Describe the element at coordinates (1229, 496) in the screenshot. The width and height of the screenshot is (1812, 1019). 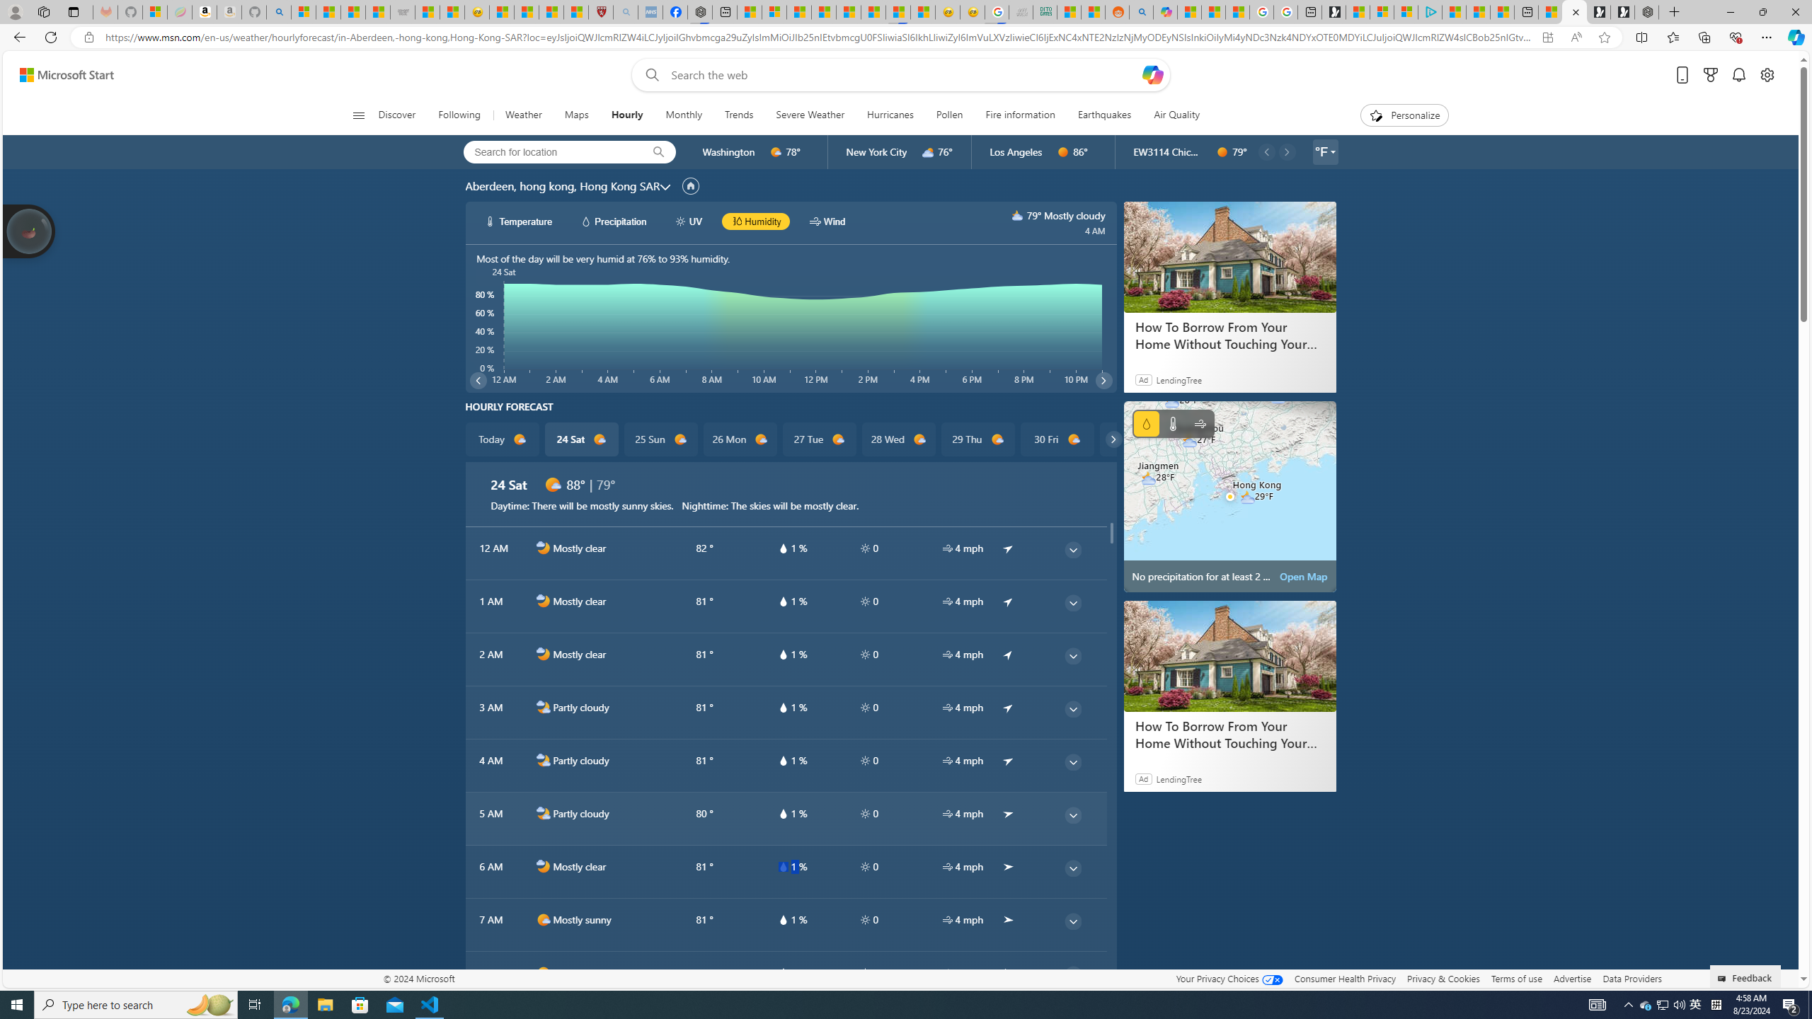
I see `'static map image of vector map'` at that location.